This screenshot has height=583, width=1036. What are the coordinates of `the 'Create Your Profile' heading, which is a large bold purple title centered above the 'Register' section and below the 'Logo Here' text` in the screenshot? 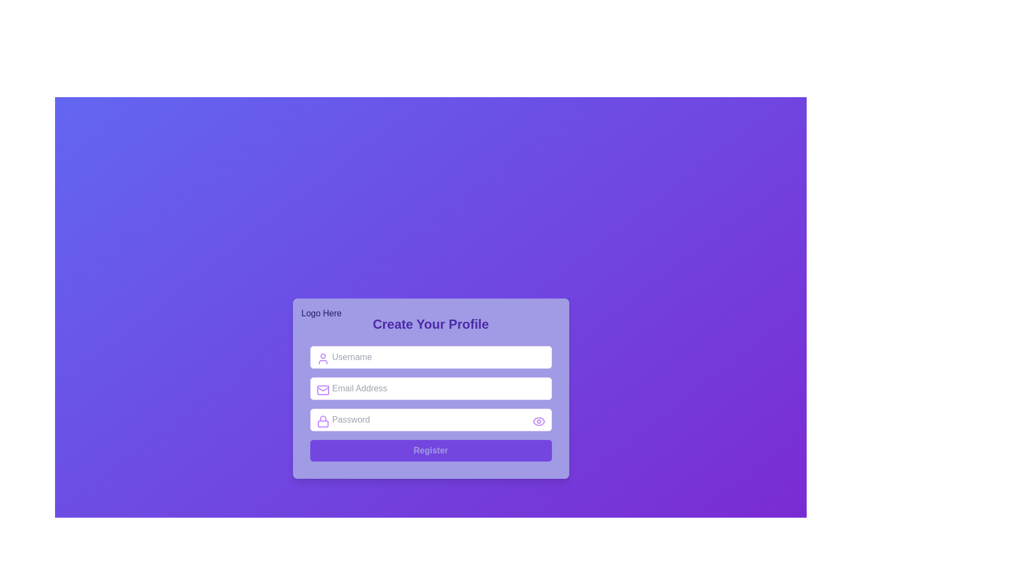 It's located at (430, 324).